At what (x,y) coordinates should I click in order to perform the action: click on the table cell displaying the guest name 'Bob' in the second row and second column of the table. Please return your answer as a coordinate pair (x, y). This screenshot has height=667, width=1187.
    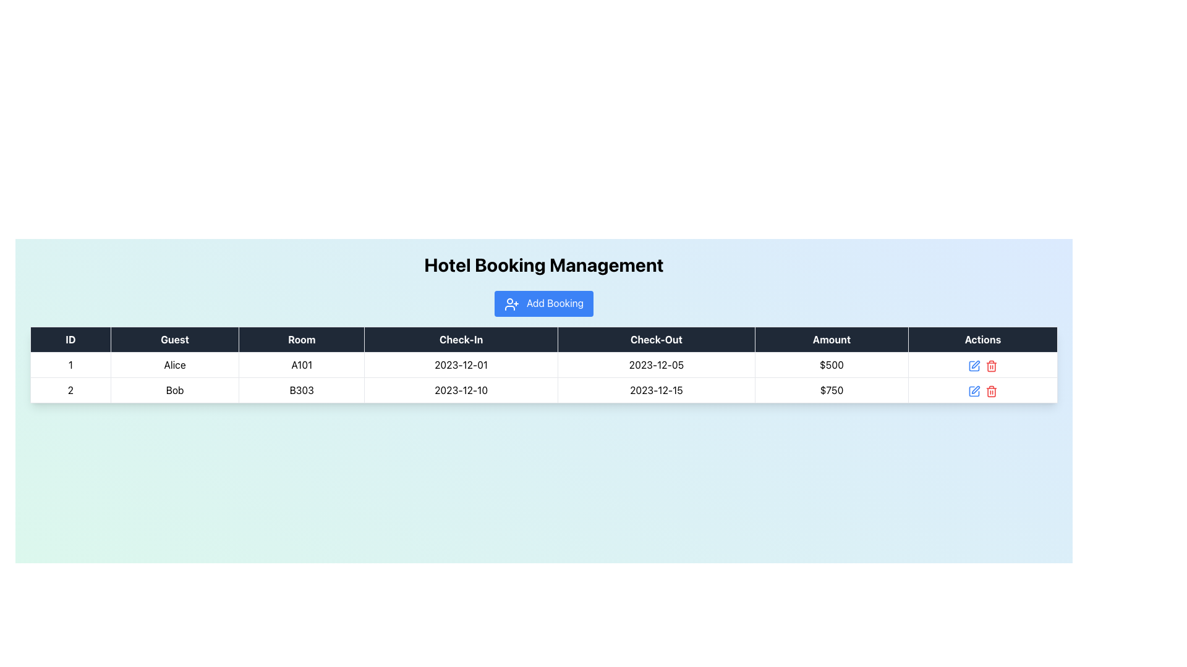
    Looking at the image, I should click on (174, 390).